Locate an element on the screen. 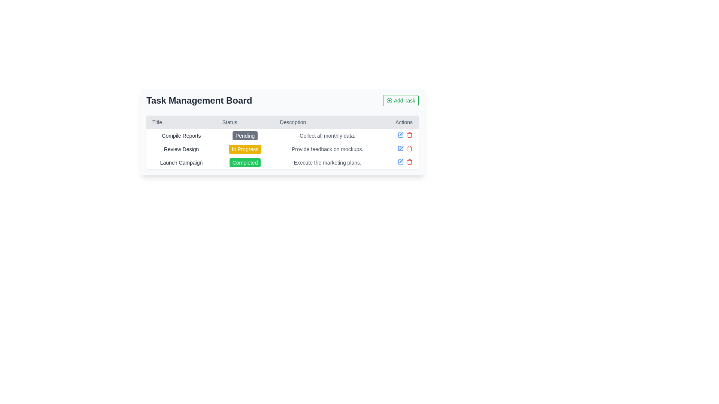  text from the status indicator badge located in the second row and second column of the 'Task Management Board' table, which indicates the current progress status of the task 'Review Design' is located at coordinates (245, 149).